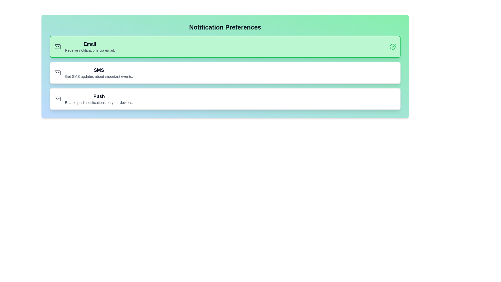  Describe the element at coordinates (99, 99) in the screenshot. I see `the descriptive label for 'Push' notifications located centrally within the notification preferences interface, positioned between the 'SMS' card and an empty space` at that location.